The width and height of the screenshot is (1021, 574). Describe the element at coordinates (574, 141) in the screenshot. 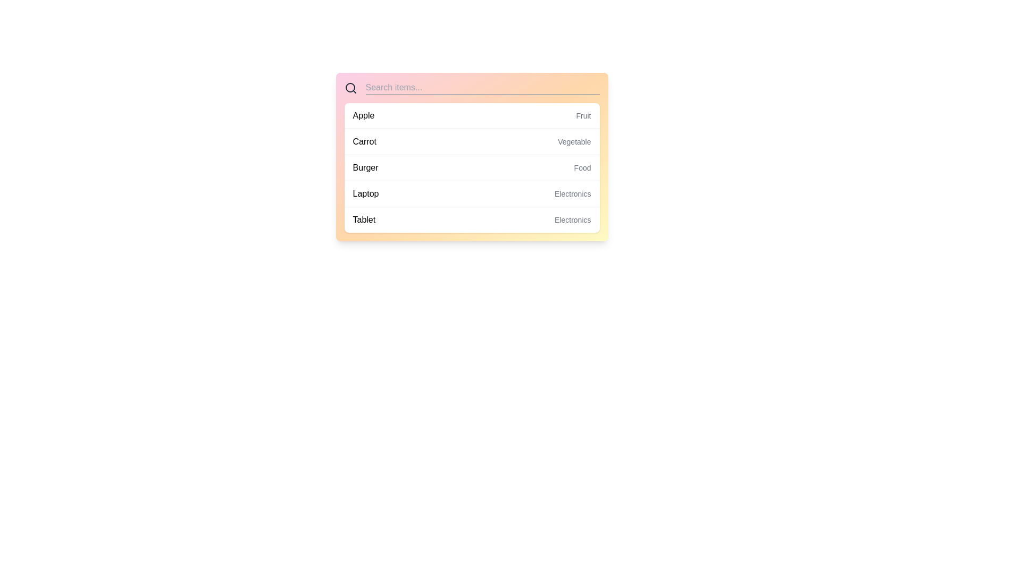

I see `the 'Vegetable' label that categorizes the 'Carrot' entry in the search results interface, which is located in the second row of the list` at that location.